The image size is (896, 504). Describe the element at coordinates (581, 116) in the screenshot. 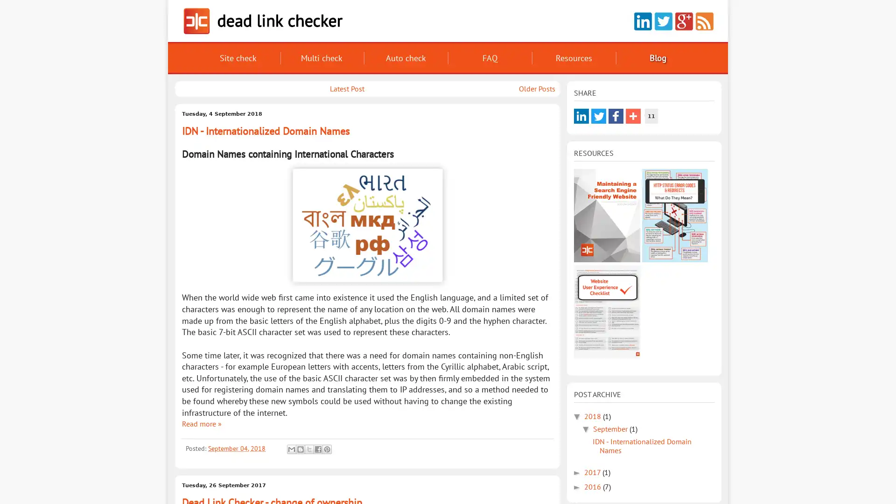

I see `Share to LinkedIn` at that location.